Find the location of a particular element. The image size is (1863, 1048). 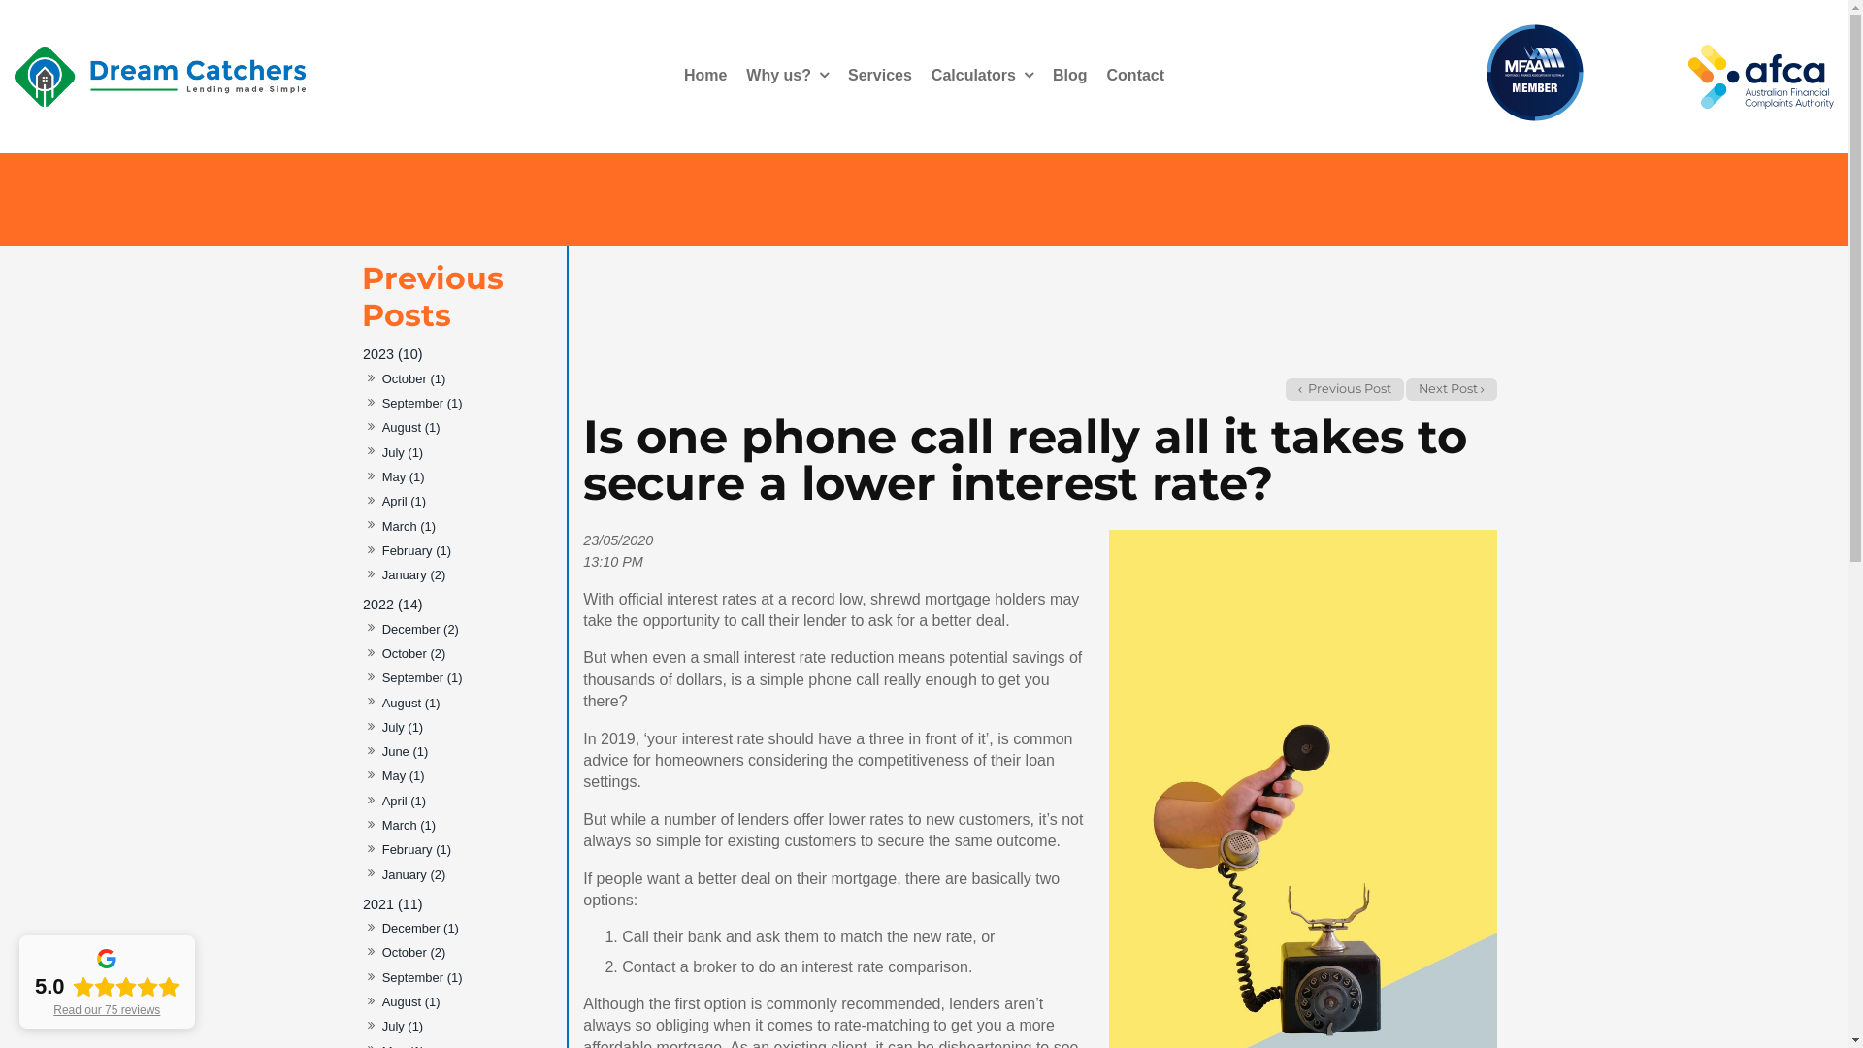

'February (1)' is located at coordinates (414, 849).